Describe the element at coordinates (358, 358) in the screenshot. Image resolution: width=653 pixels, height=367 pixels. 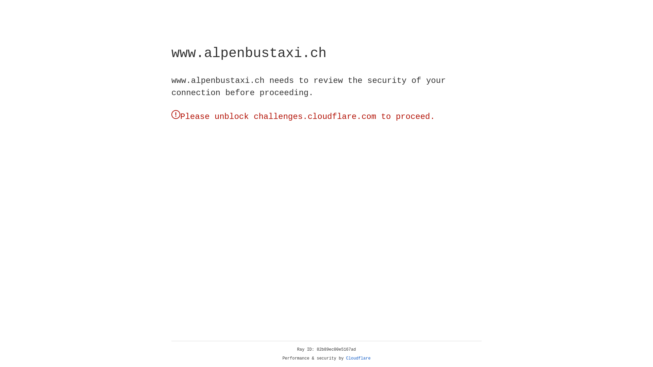
I see `'Cloudflare'` at that location.